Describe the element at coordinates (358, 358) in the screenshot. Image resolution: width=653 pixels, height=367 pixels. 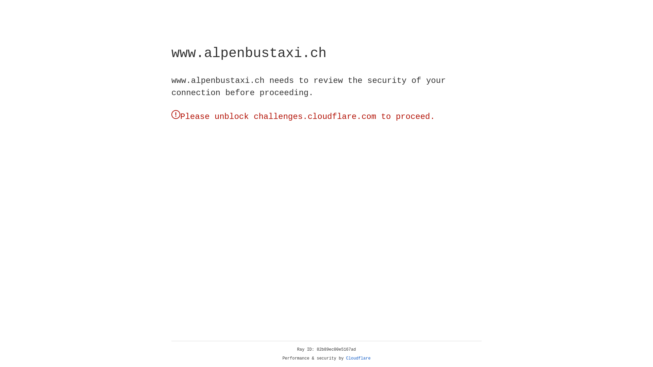
I see `'Cloudflare'` at that location.